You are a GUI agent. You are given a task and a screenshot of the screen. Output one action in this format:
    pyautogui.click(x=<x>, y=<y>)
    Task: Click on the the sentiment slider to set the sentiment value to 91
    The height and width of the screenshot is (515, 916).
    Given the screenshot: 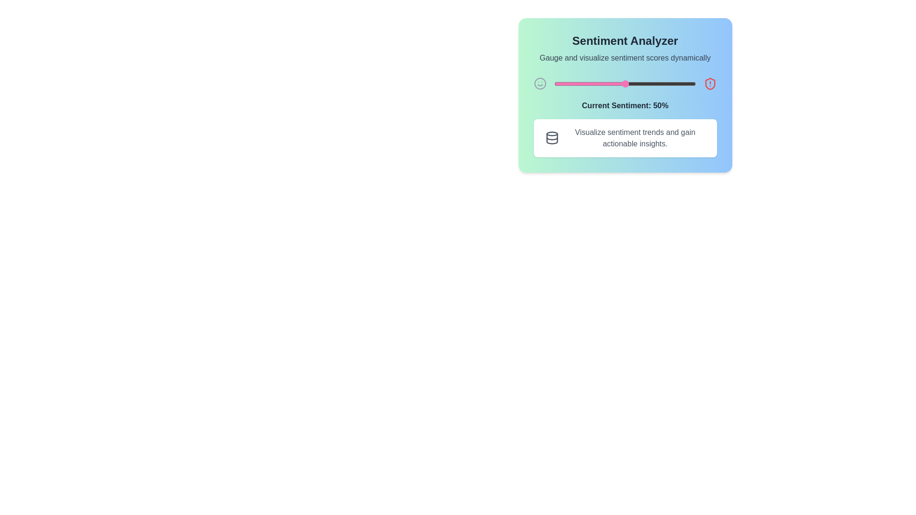 What is the action you would take?
    pyautogui.click(x=683, y=83)
    